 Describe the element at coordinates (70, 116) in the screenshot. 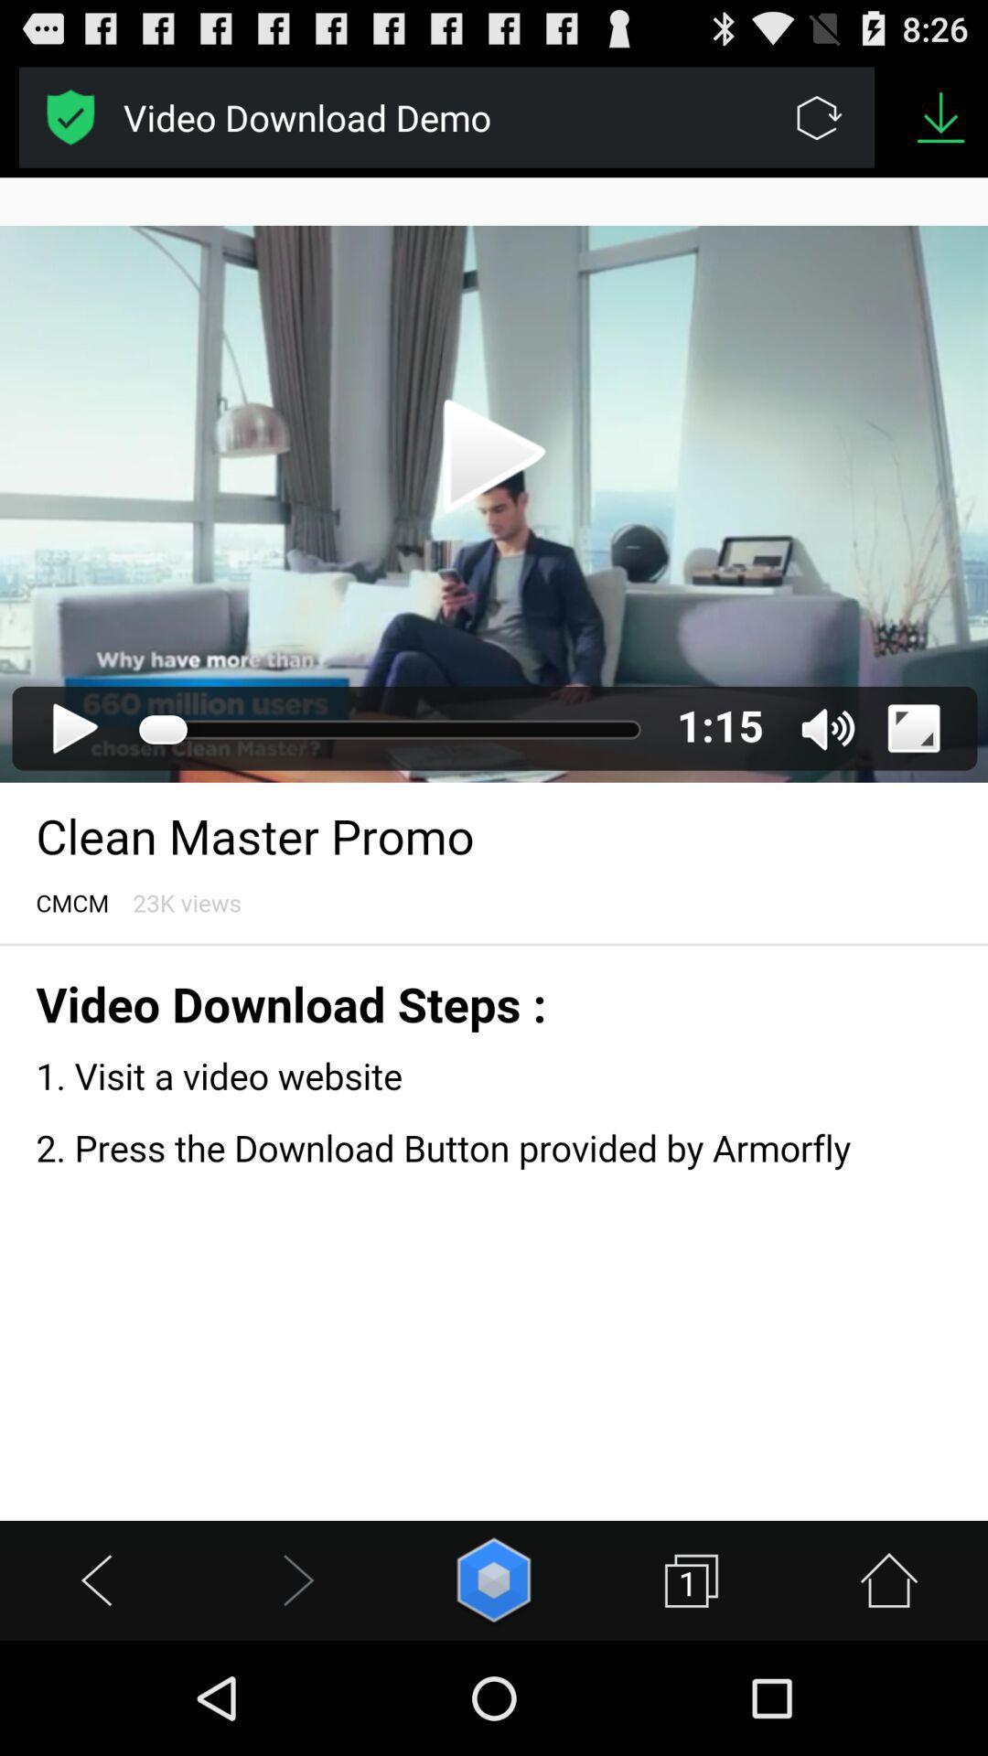

I see `right option box` at that location.